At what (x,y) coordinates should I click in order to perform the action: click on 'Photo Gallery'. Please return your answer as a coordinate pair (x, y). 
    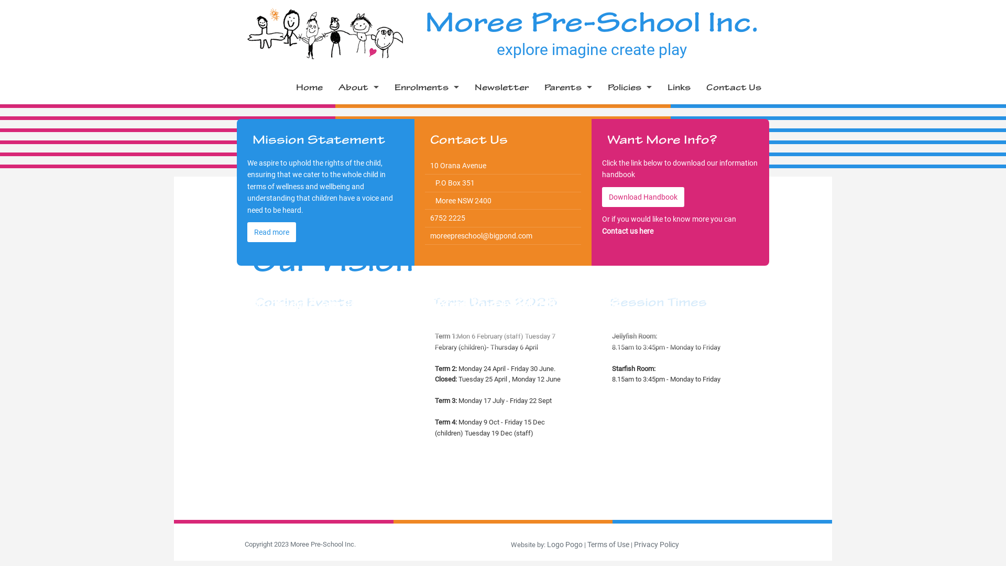
    Looking at the image, I should click on (358, 181).